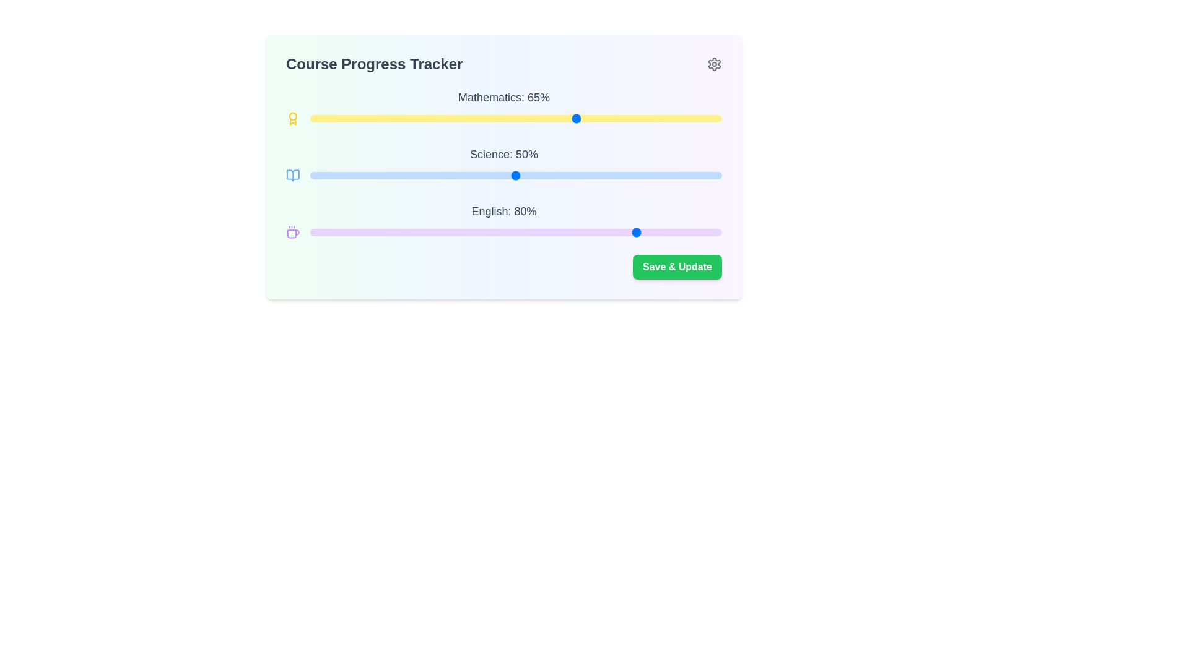  Describe the element at coordinates (677, 267) in the screenshot. I see `the save button located at the bottom-right corner of the primary user interface panel to change its color` at that location.